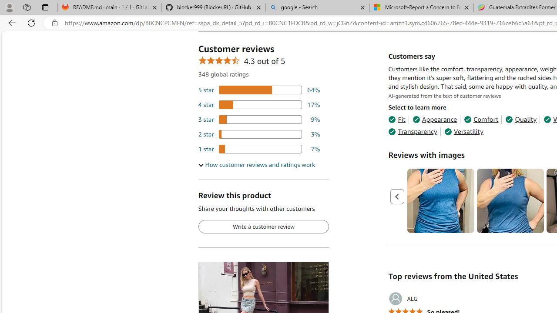 This screenshot has height=313, width=557. I want to click on 'Quality', so click(521, 120).